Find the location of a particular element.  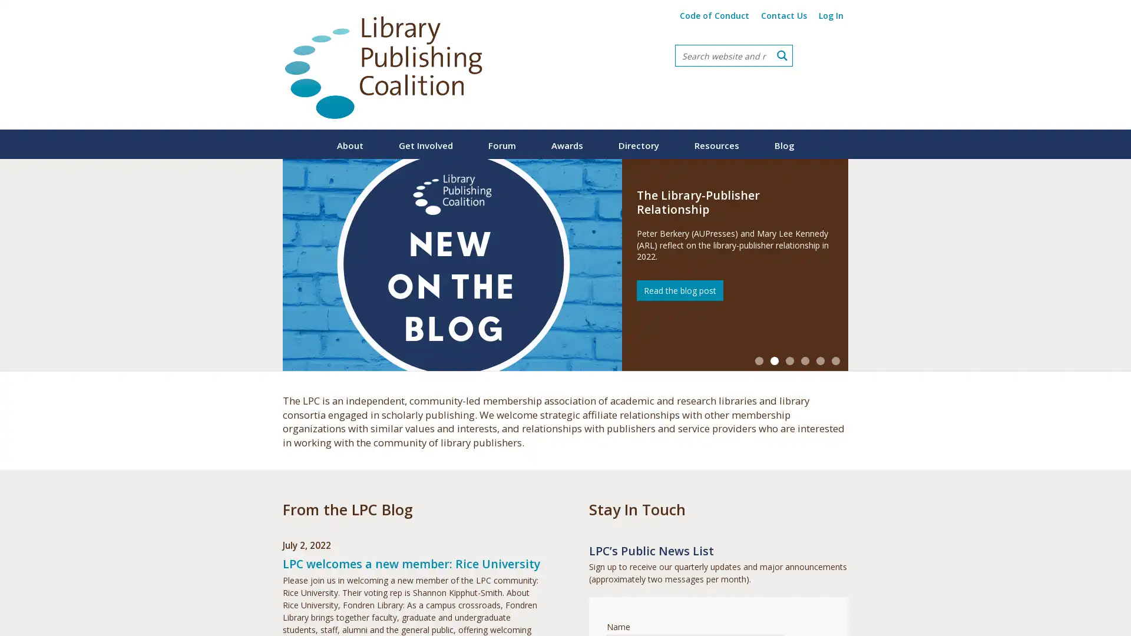

Go to slide 2 is located at coordinates (775, 360).